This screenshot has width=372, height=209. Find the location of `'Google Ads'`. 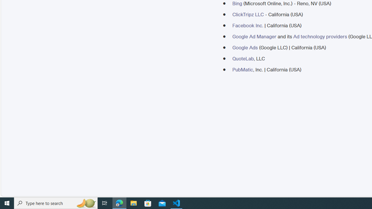

'Google Ads' is located at coordinates (245, 47).